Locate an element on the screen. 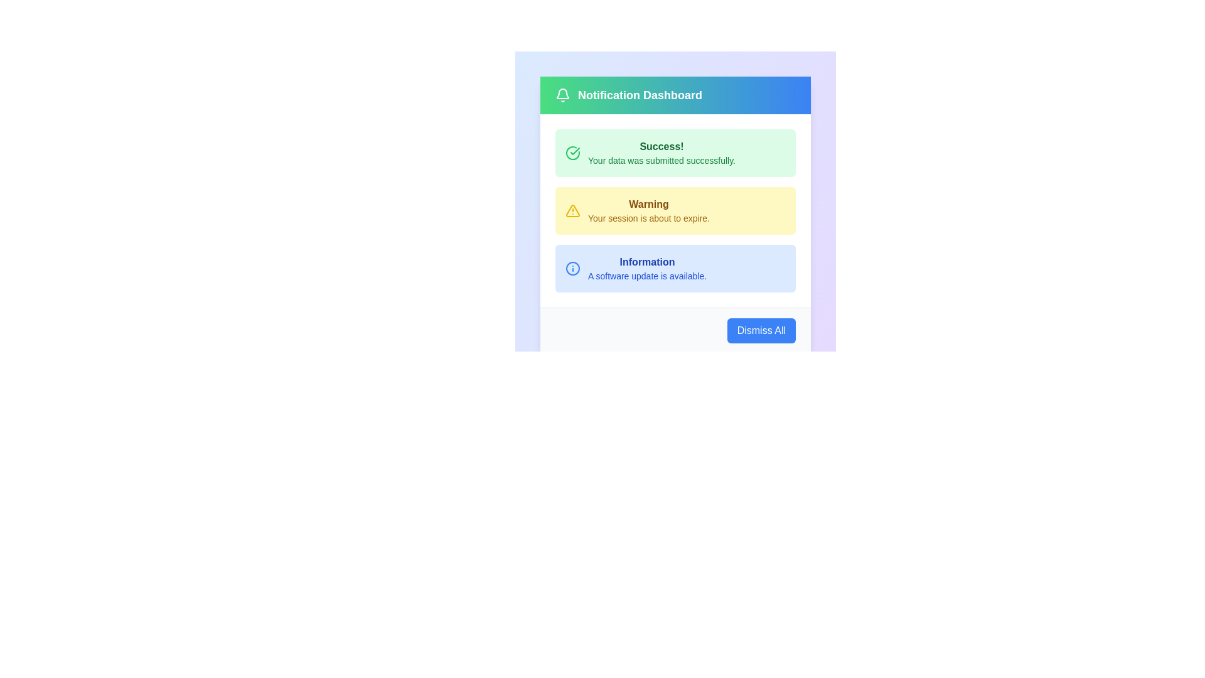  the bell icon with a green background and white outline located to the left of the 'Notification Dashboard' text in the header section is located at coordinates (562, 94).